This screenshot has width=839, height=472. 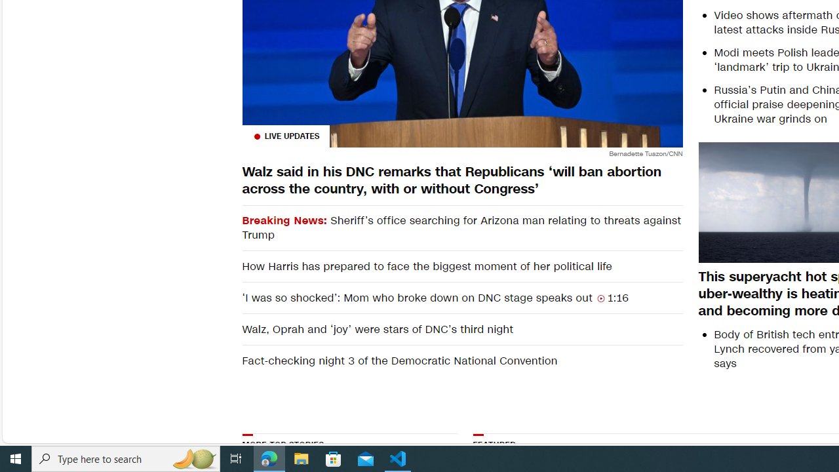 I want to click on 'Task View', so click(x=235, y=458).